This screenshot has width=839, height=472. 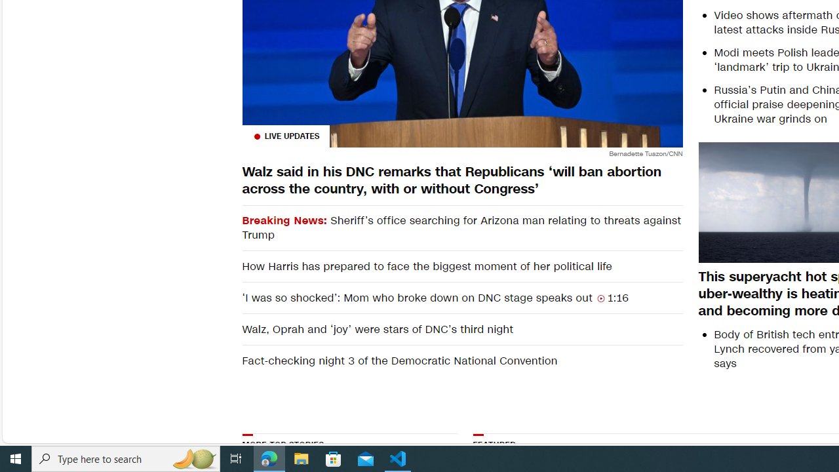 I want to click on 'Task View', so click(x=235, y=458).